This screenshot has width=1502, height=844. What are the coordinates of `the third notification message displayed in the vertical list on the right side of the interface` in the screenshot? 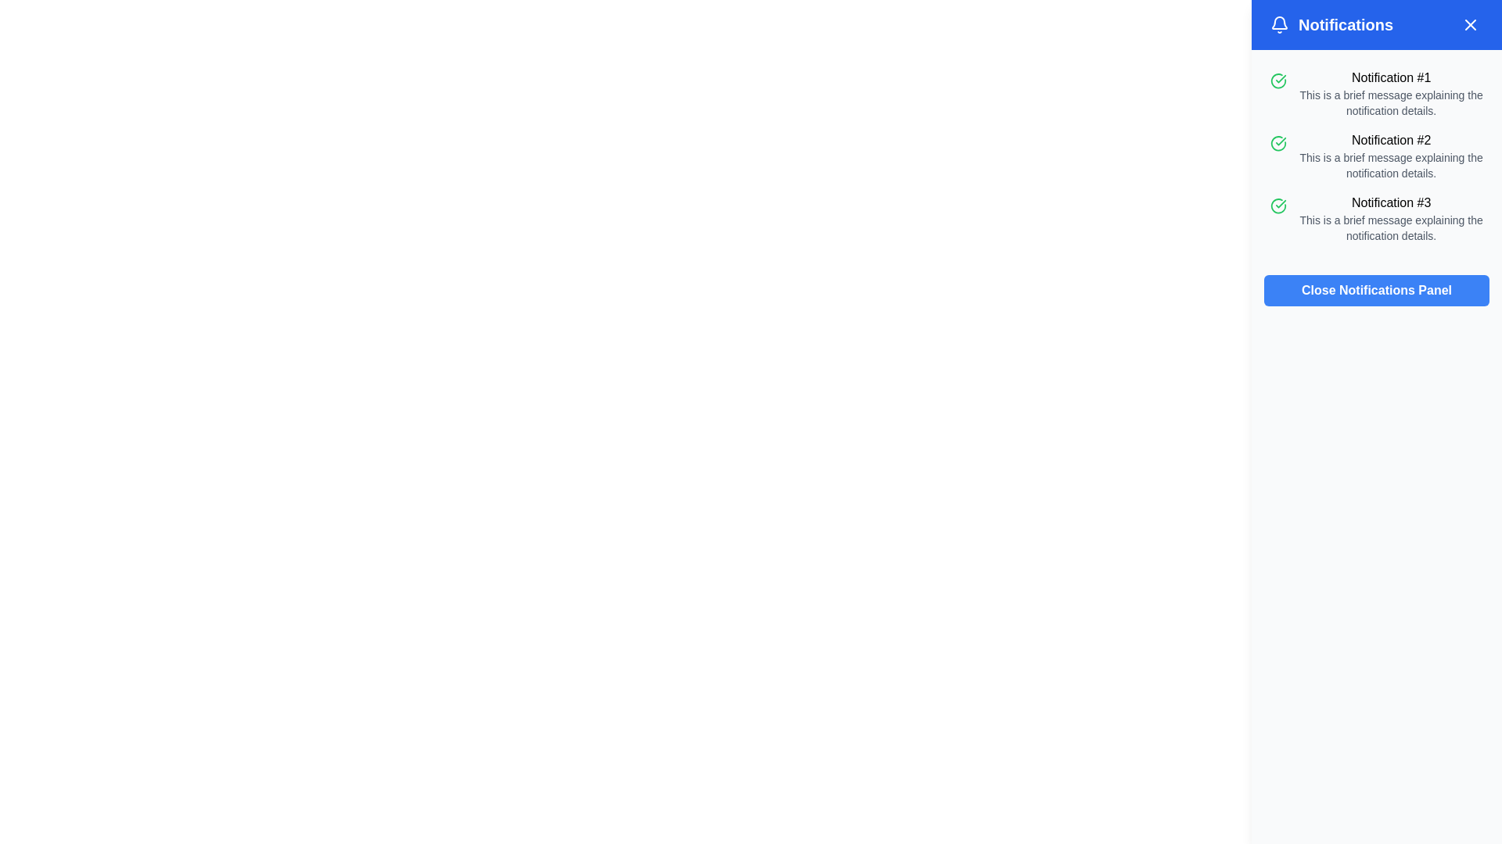 It's located at (1391, 219).